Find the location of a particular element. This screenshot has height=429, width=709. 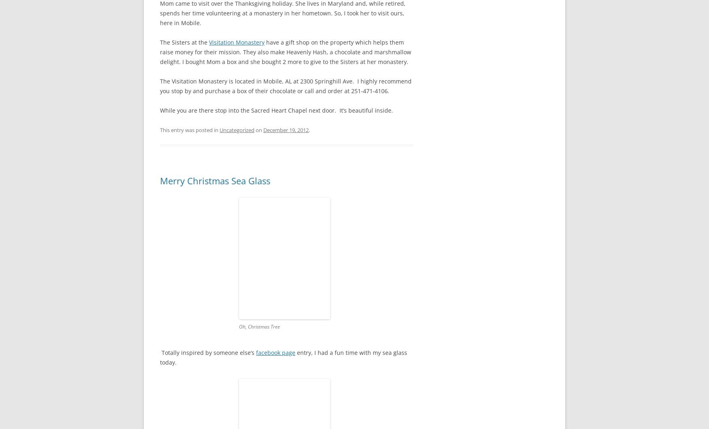

'Oh, Christmas Tree' is located at coordinates (258, 326).